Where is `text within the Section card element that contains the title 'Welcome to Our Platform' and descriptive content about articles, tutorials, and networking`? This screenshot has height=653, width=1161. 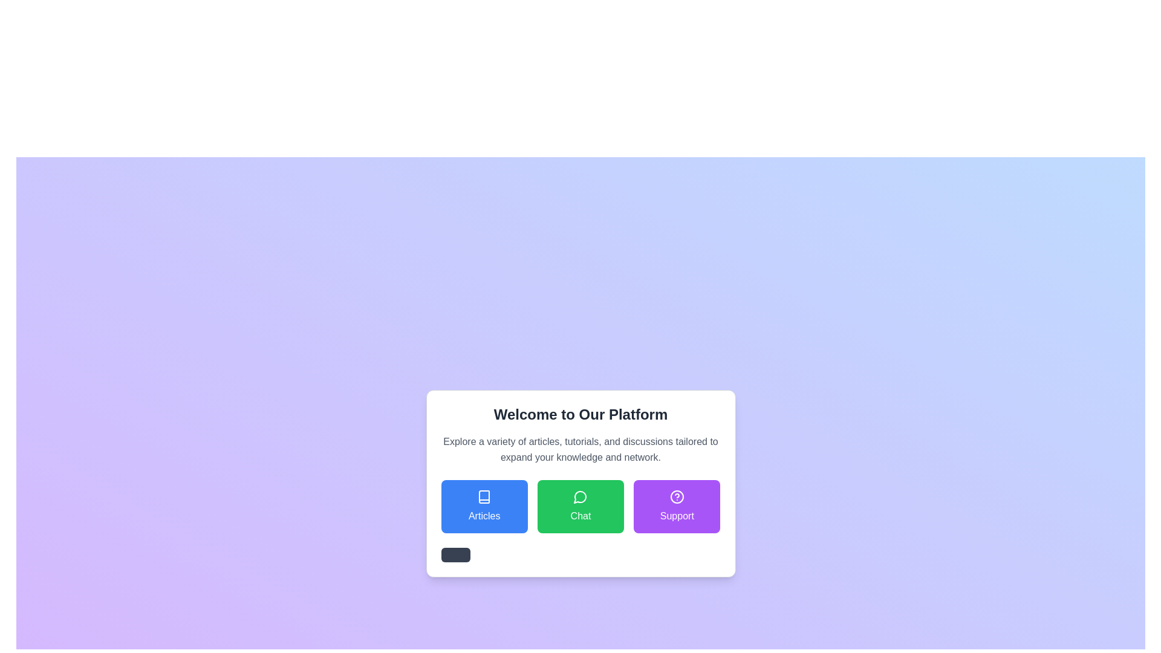
text within the Section card element that contains the title 'Welcome to Our Platform' and descriptive content about articles, tutorials, and networking is located at coordinates (580, 482).